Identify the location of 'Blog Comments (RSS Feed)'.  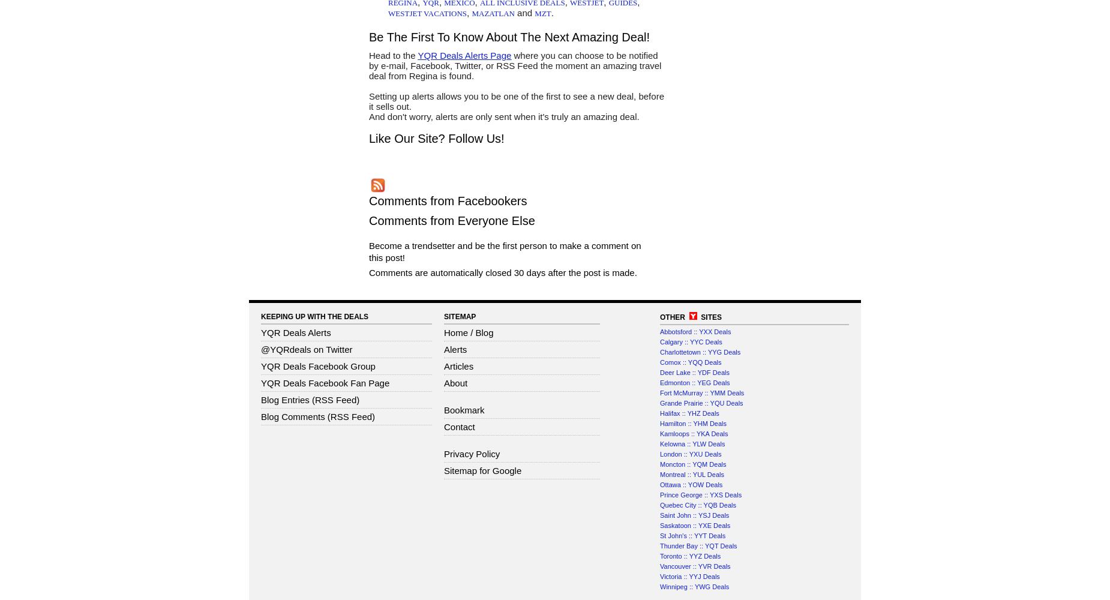
(318, 416).